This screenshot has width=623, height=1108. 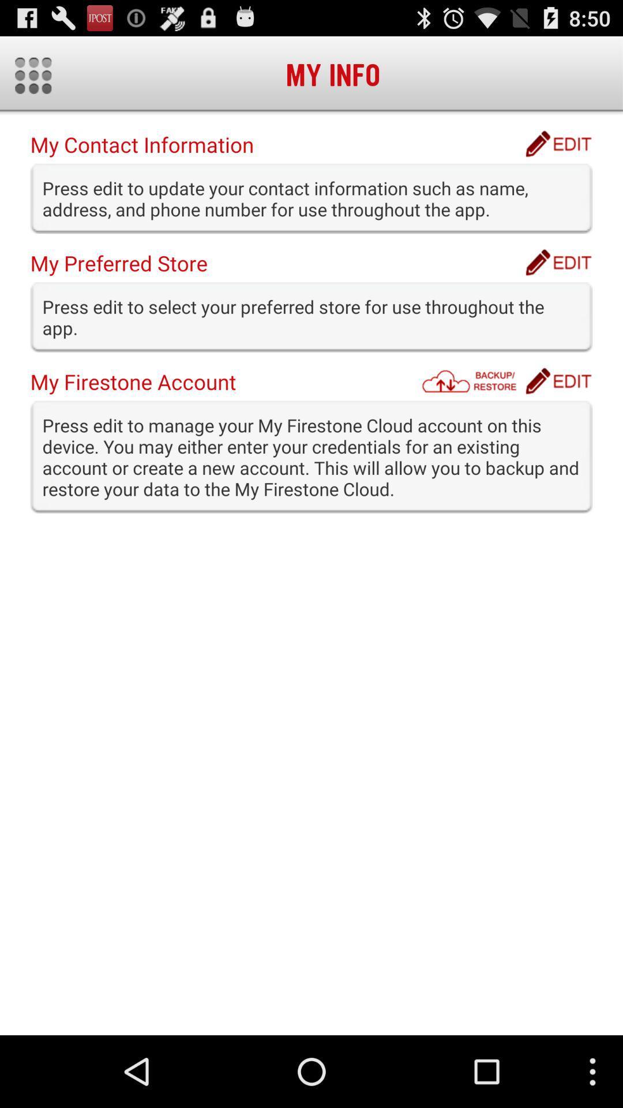 What do you see at coordinates (558, 143) in the screenshot?
I see `edit contact info` at bounding box center [558, 143].